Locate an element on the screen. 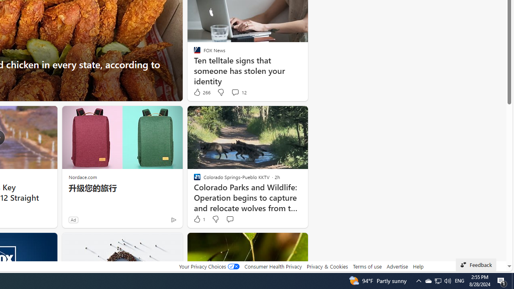 This screenshot has width=514, height=289. 'Nordace.com' is located at coordinates (83, 177).